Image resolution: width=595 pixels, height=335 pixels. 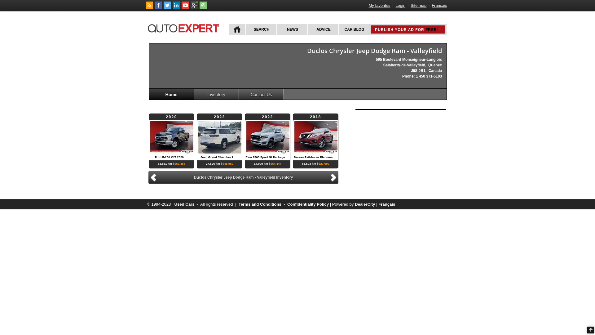 What do you see at coordinates (194, 7) in the screenshot?
I see `'Follow autoExpert.ca on Google Plus'` at bounding box center [194, 7].